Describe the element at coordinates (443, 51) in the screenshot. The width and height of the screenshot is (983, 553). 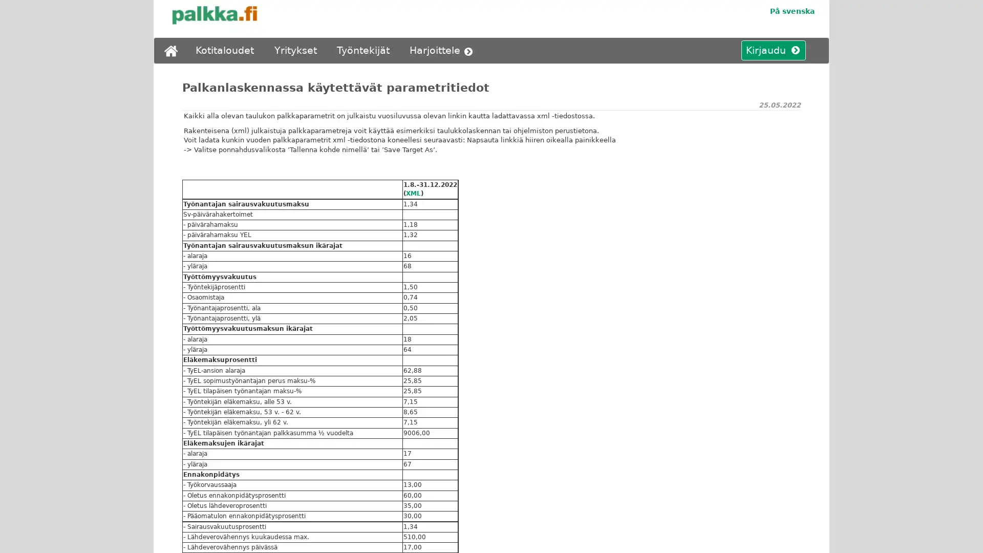
I see `Harjoittele` at that location.